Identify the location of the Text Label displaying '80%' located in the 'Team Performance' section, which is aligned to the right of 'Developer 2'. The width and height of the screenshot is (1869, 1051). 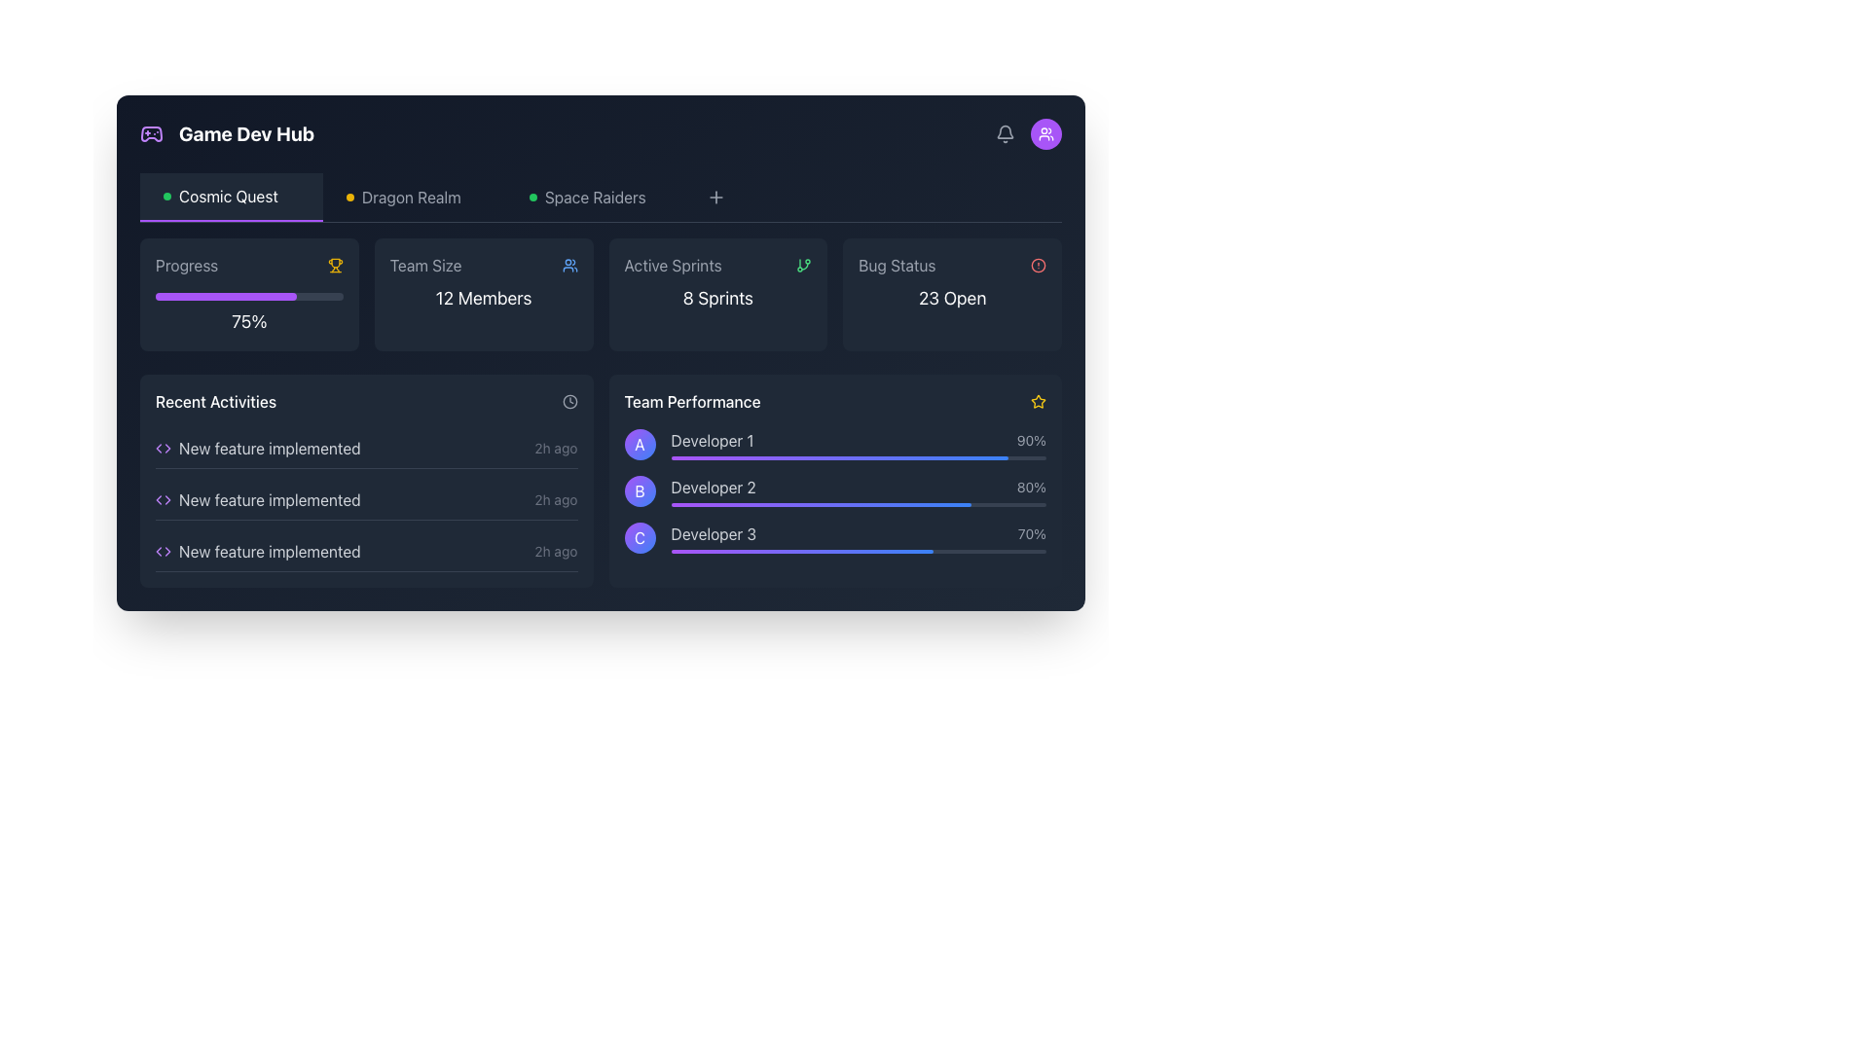
(1030, 487).